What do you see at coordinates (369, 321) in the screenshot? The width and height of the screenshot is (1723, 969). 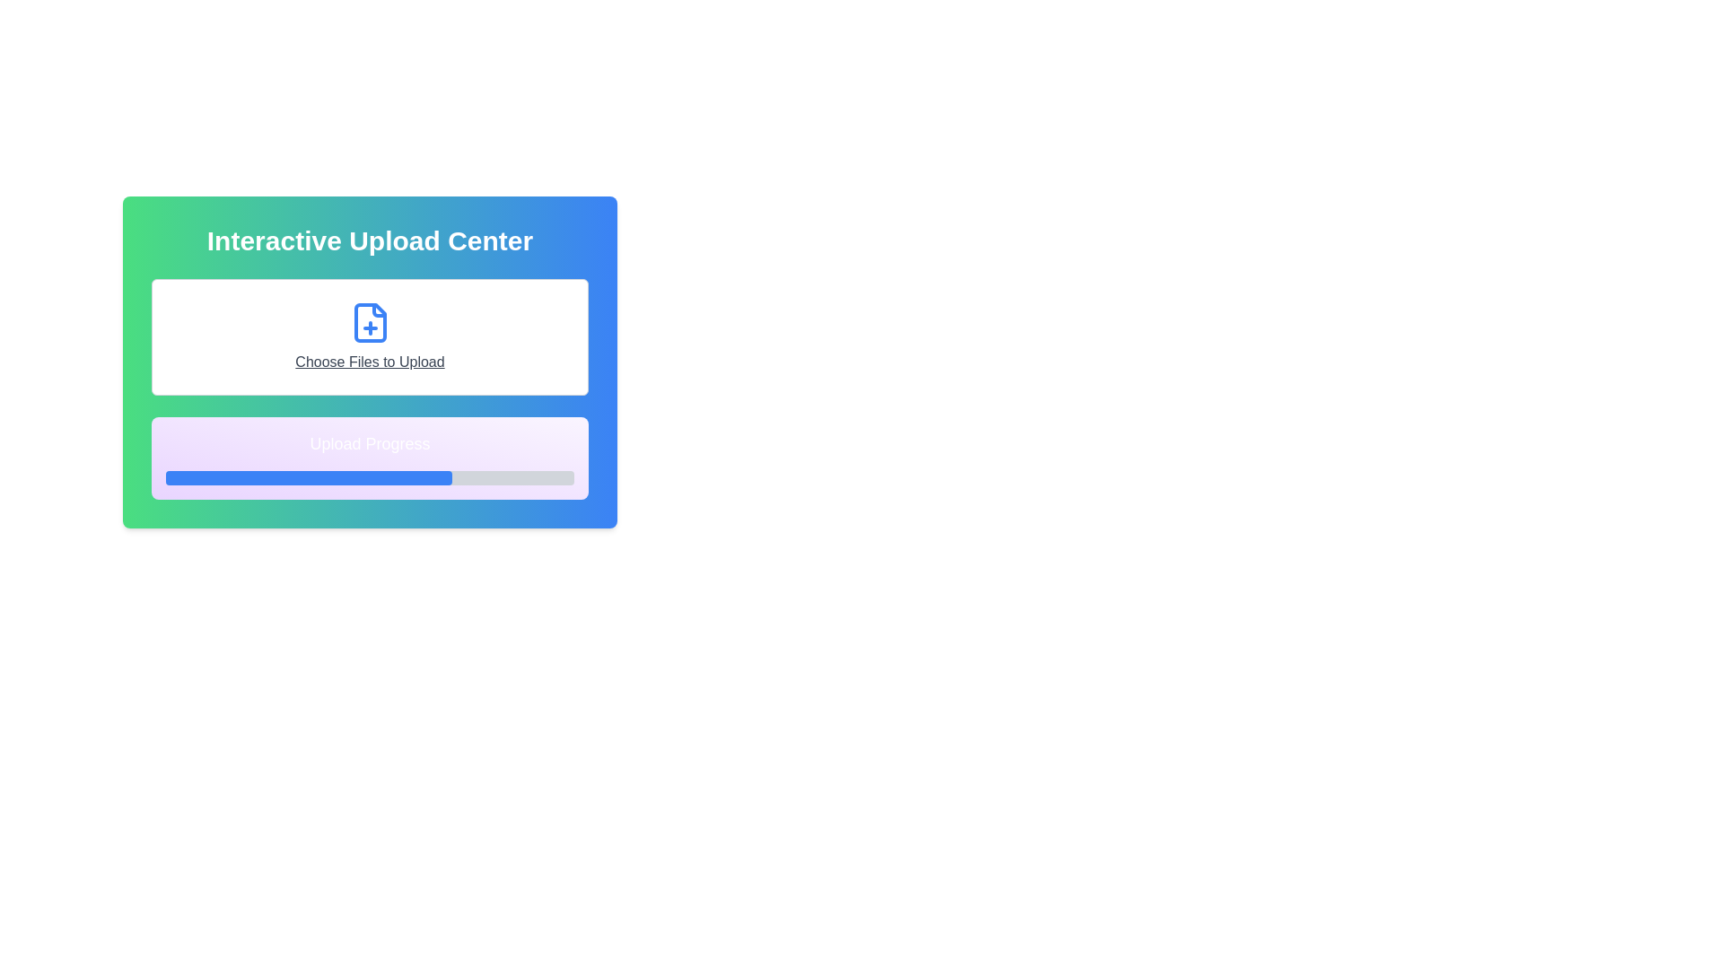 I see `the document-shaped vector graphic icon with a folded top right corner, filled with blue hue and a plus sign, located in the central area of the card above 'Choose Files to Upload'` at bounding box center [369, 321].